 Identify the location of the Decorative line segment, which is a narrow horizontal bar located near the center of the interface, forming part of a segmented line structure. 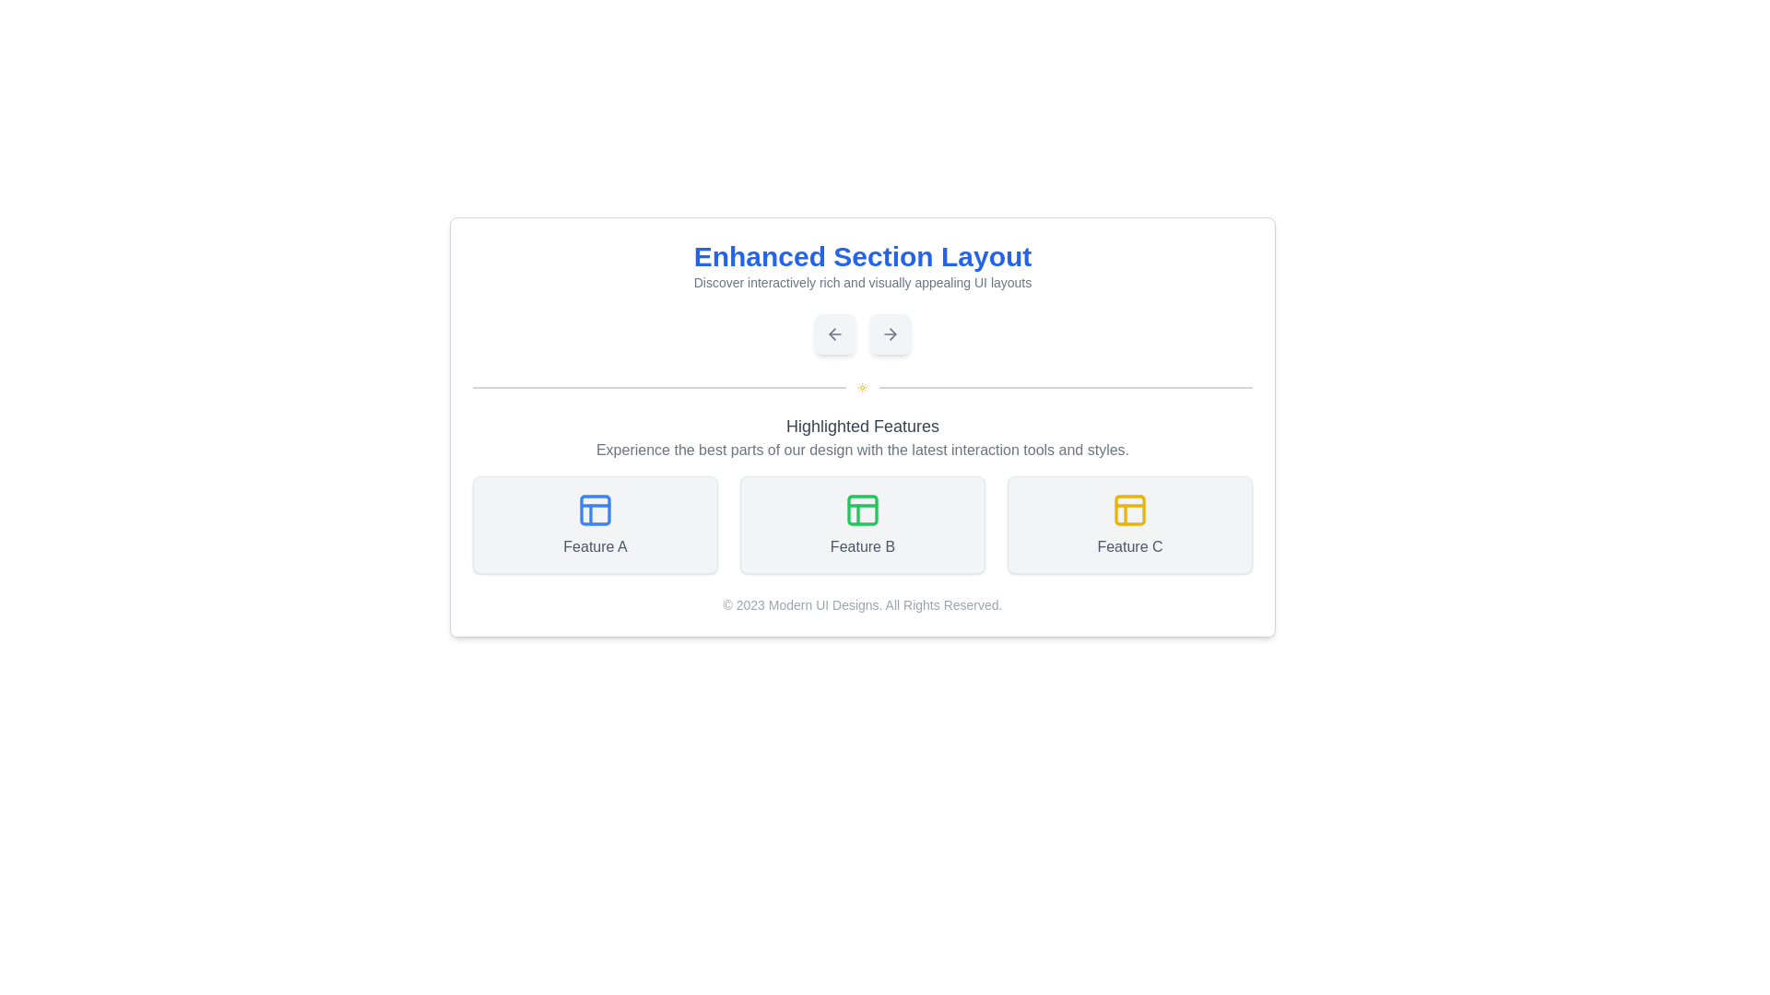
(1066, 386).